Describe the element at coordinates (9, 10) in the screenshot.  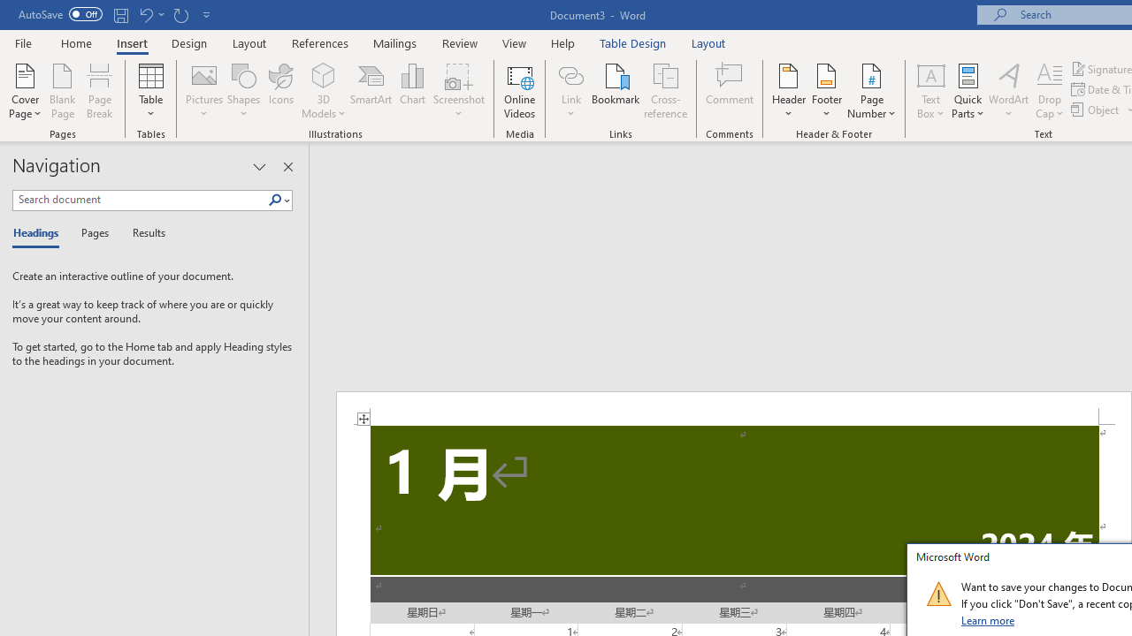
I see `'System'` at that location.